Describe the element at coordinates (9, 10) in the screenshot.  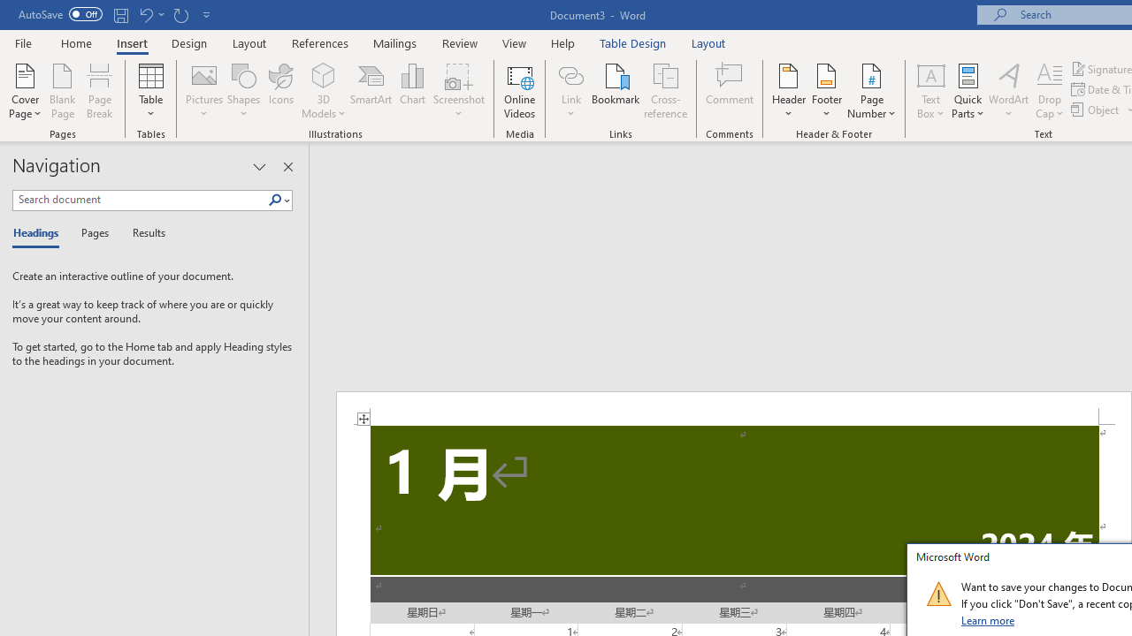
I see `'System'` at that location.